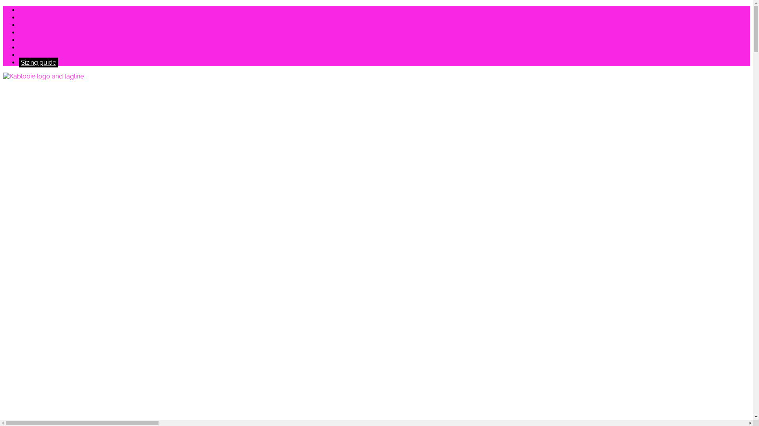 This screenshot has height=426, width=759. I want to click on 'My Account', so click(36, 54).